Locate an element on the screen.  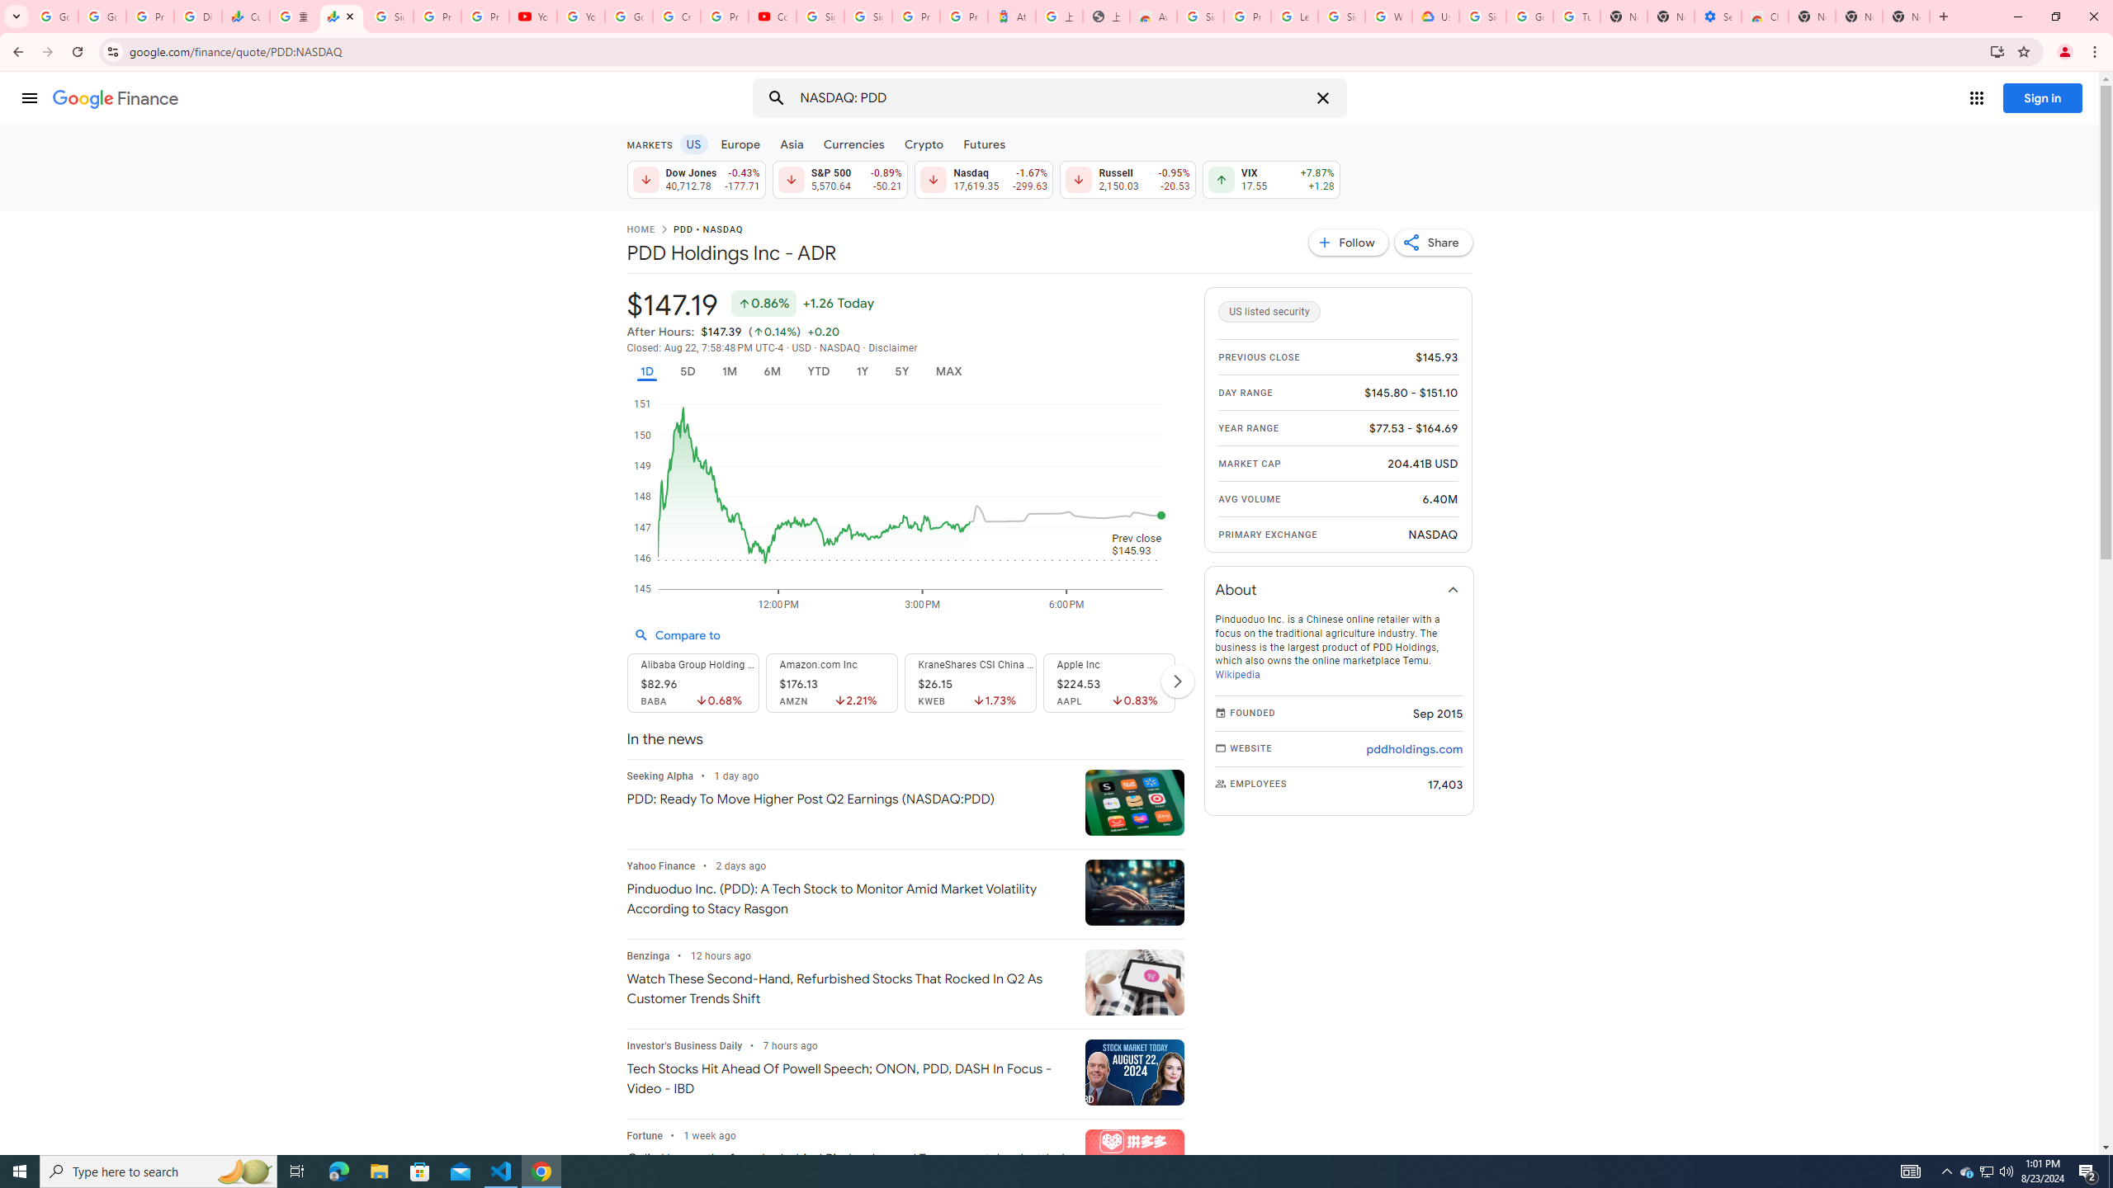
'Who are Google' is located at coordinates (1389, 16).